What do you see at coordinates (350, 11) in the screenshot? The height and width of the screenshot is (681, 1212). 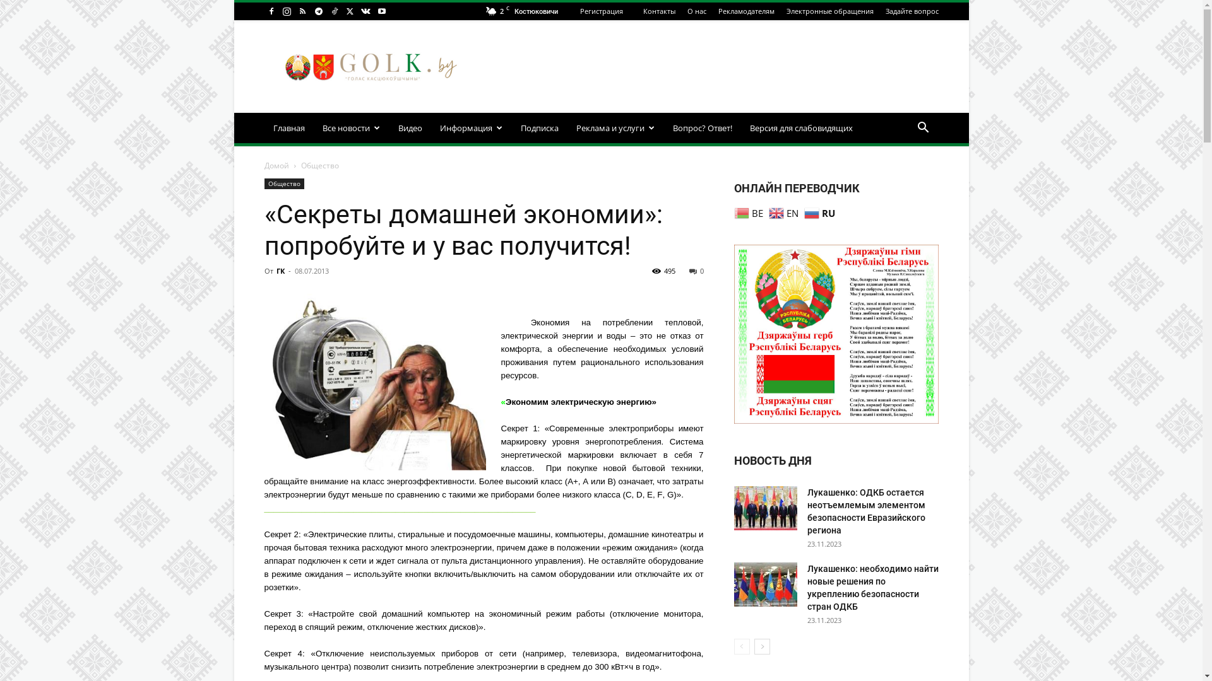 I see `'Twitter'` at bounding box center [350, 11].